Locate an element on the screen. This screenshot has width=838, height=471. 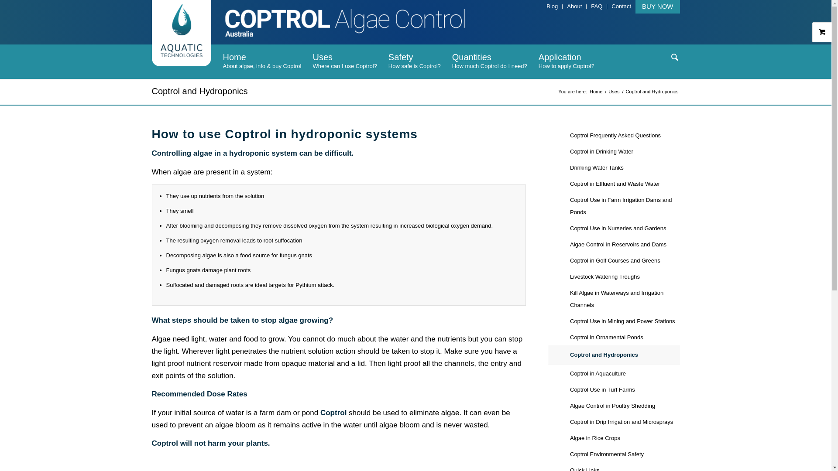
'Coptrol Use in Turf Farms' is located at coordinates (624, 389).